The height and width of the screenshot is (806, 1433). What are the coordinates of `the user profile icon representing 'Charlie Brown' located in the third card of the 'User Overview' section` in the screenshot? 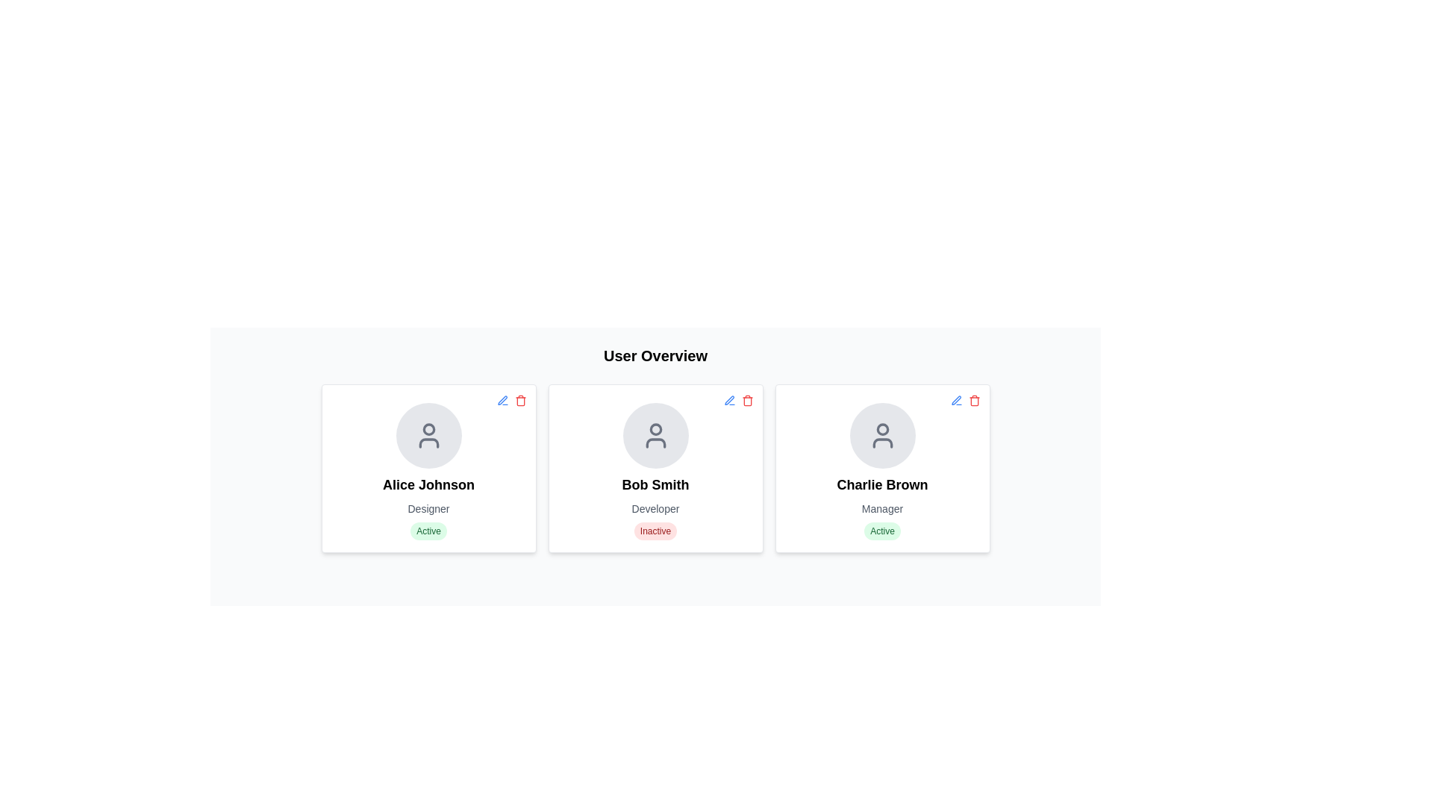 It's located at (882, 435).